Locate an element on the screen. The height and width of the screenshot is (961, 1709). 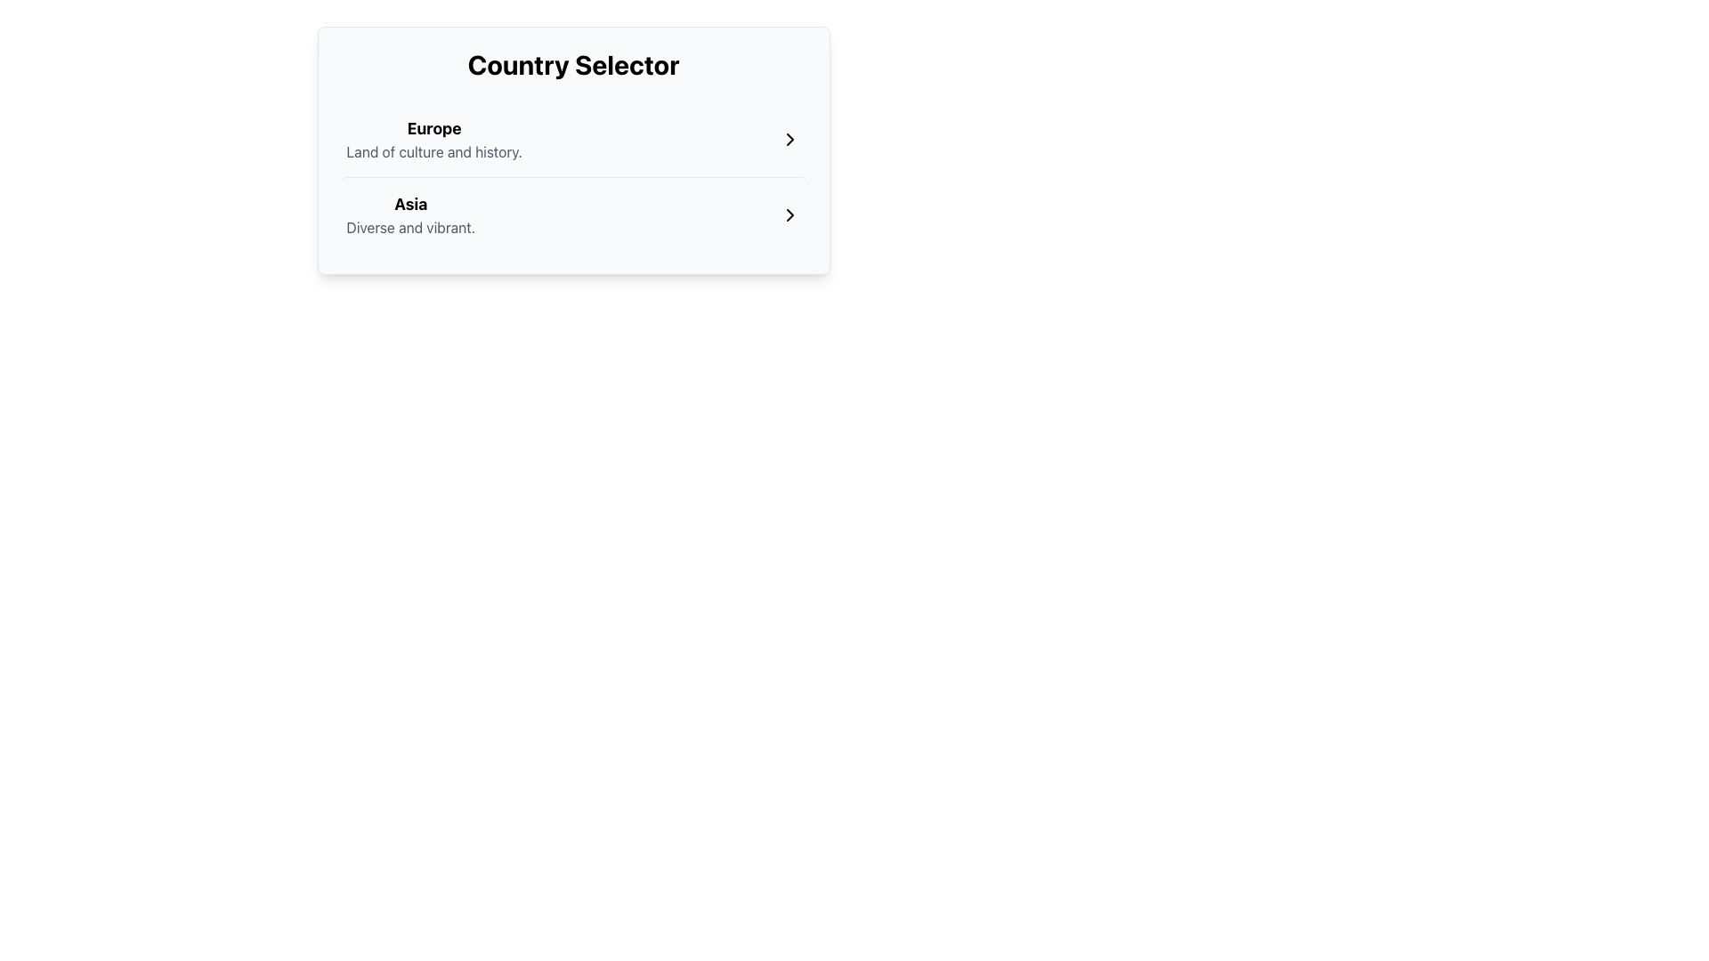
the selectable list item representing 'Asia' is located at coordinates (409, 214).